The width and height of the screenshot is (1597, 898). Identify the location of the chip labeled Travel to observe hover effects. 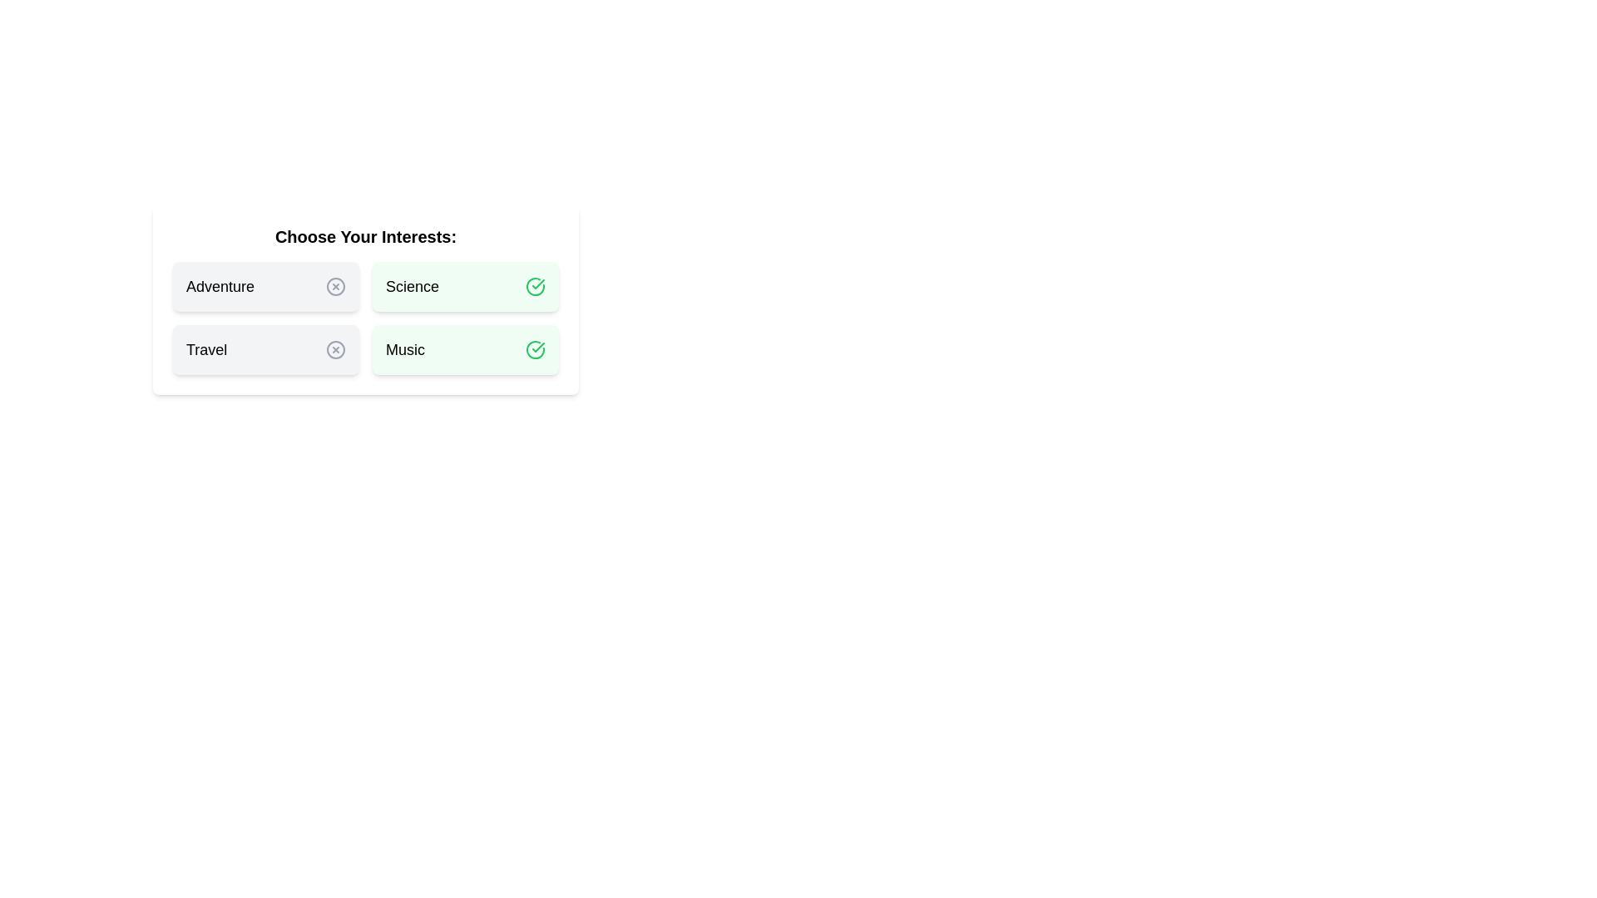
(266, 348).